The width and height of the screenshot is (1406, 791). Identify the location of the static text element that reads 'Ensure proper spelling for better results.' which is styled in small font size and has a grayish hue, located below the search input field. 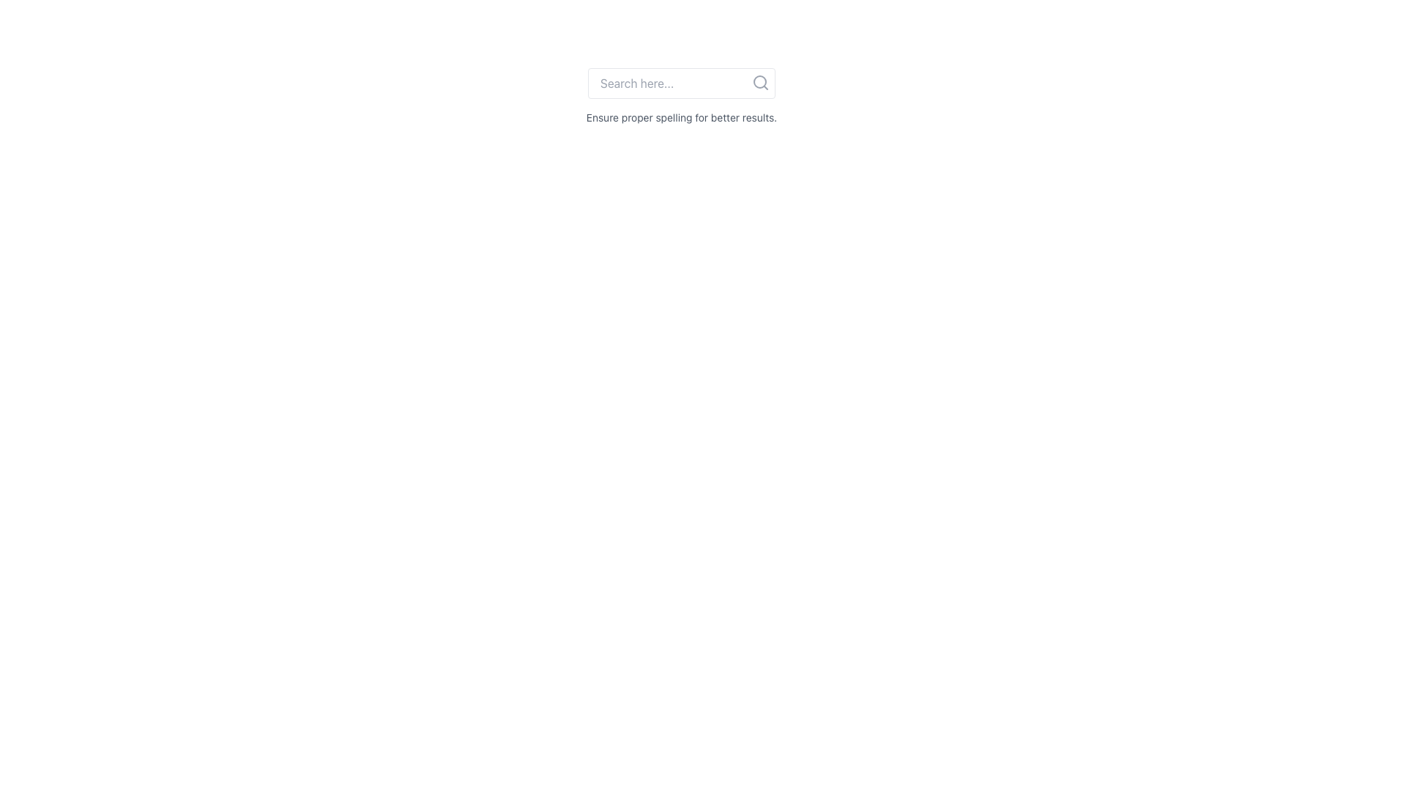
(681, 117).